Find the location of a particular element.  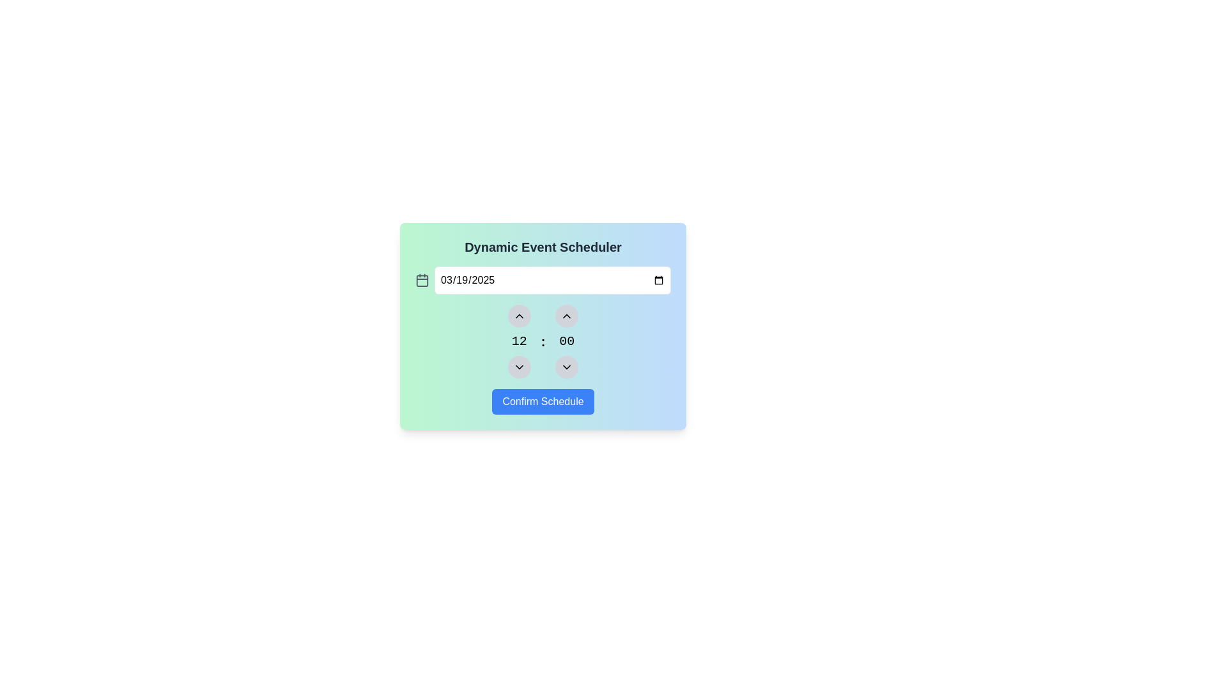

the text element displaying the number '12' in a monospace font, which is positioned in the center of a vertical arrangement within a larger box, indicating a time selection feature is located at coordinates (519, 341).